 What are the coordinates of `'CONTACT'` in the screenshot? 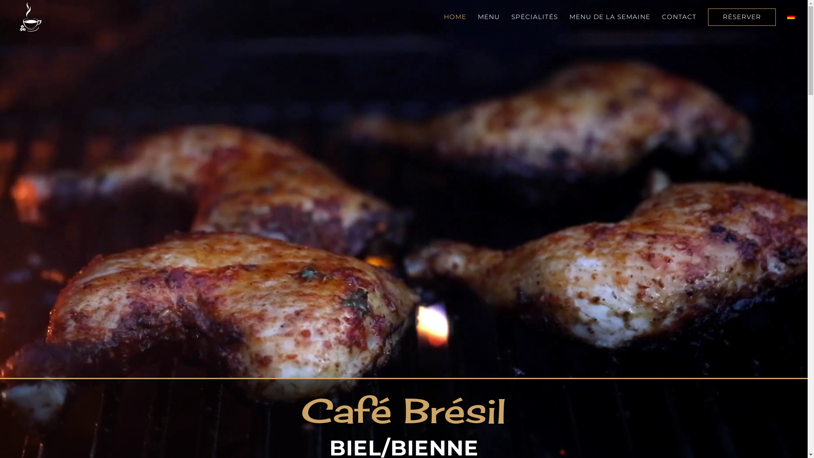 It's located at (679, 18).